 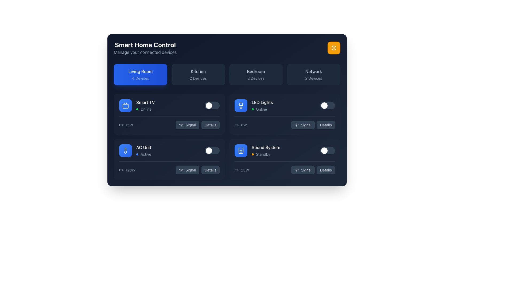 I want to click on the area containing the text label that provides information regarding the number of devices associated with the 'Network' section, located below the 'Network' title within the lower portion of the rectangular card labeled 'Network', so click(x=314, y=78).